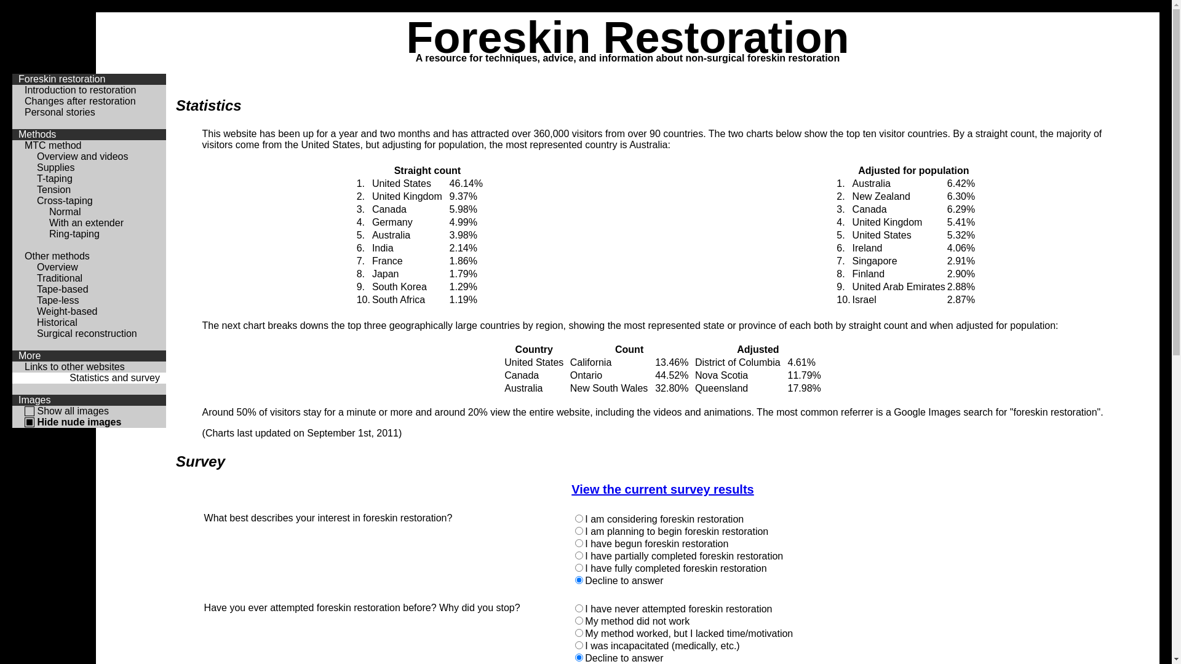 The height and width of the screenshot is (664, 1181). What do you see at coordinates (64, 211) in the screenshot?
I see `'Normal'` at bounding box center [64, 211].